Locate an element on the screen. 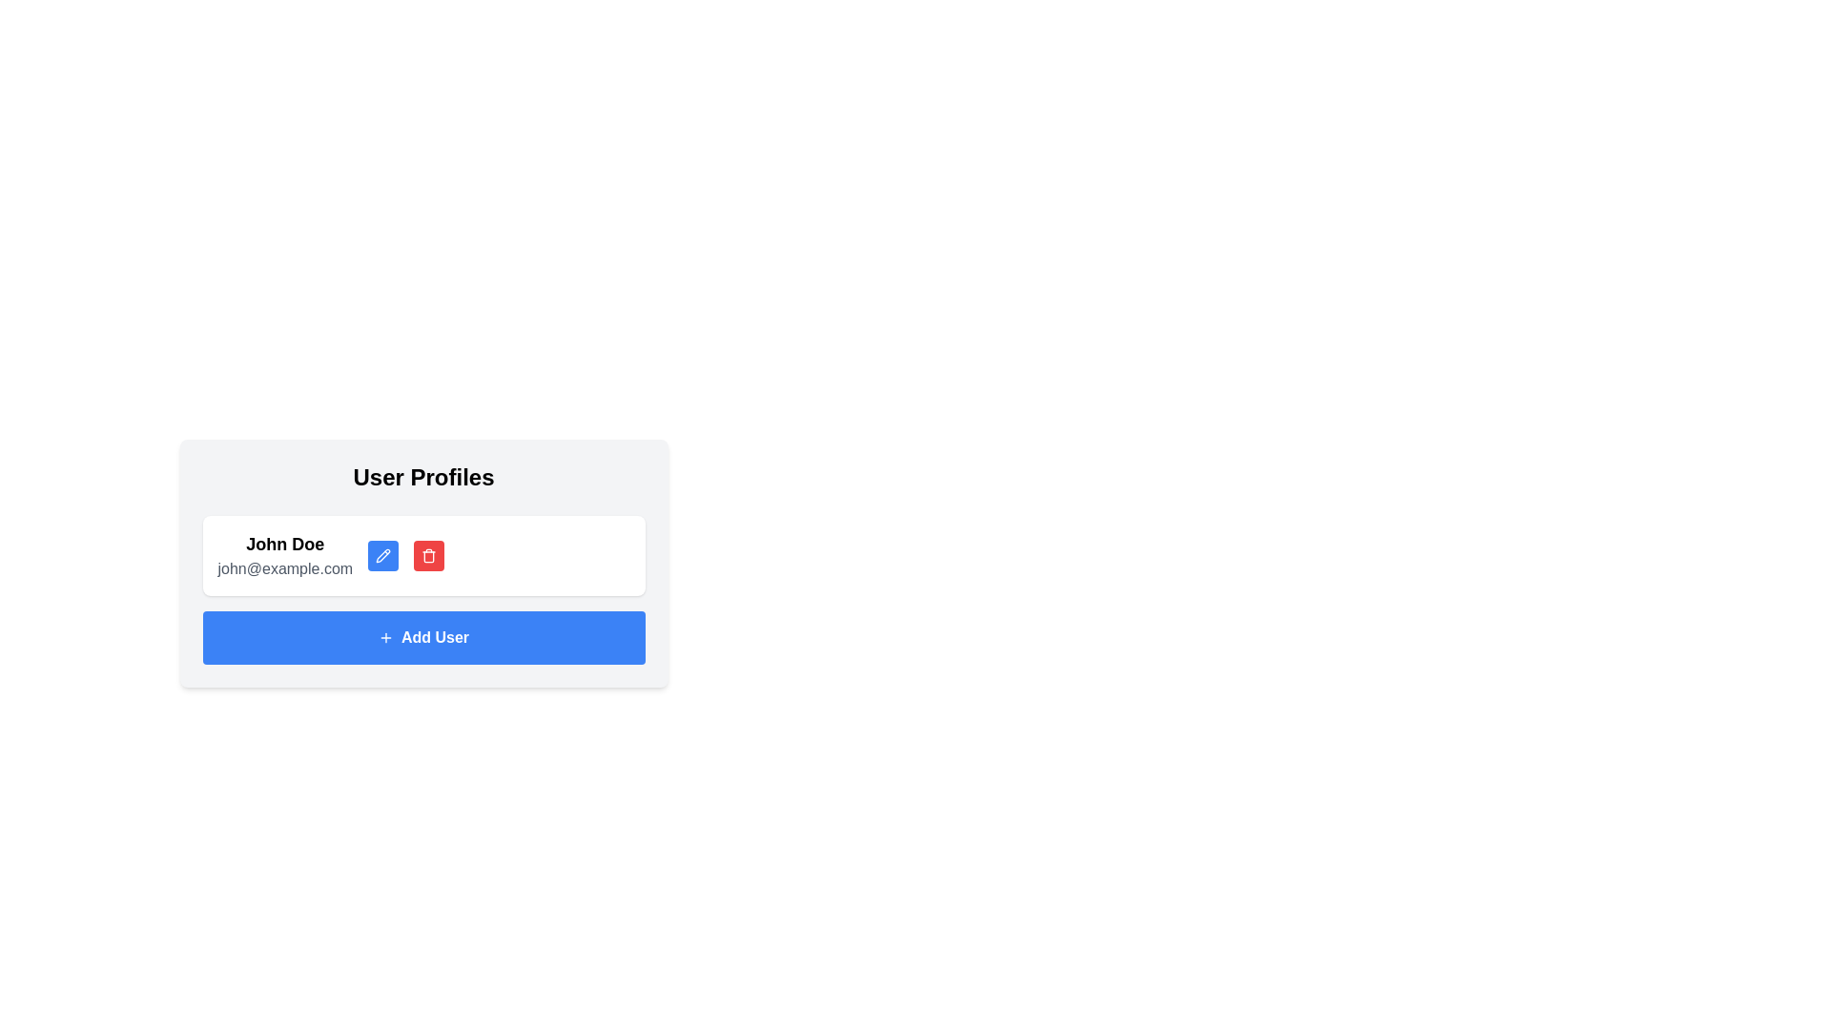 This screenshot has height=1030, width=1831. the pencil icon within the blue circular button to initiate the edit function for the user profile is located at coordinates (382, 555).